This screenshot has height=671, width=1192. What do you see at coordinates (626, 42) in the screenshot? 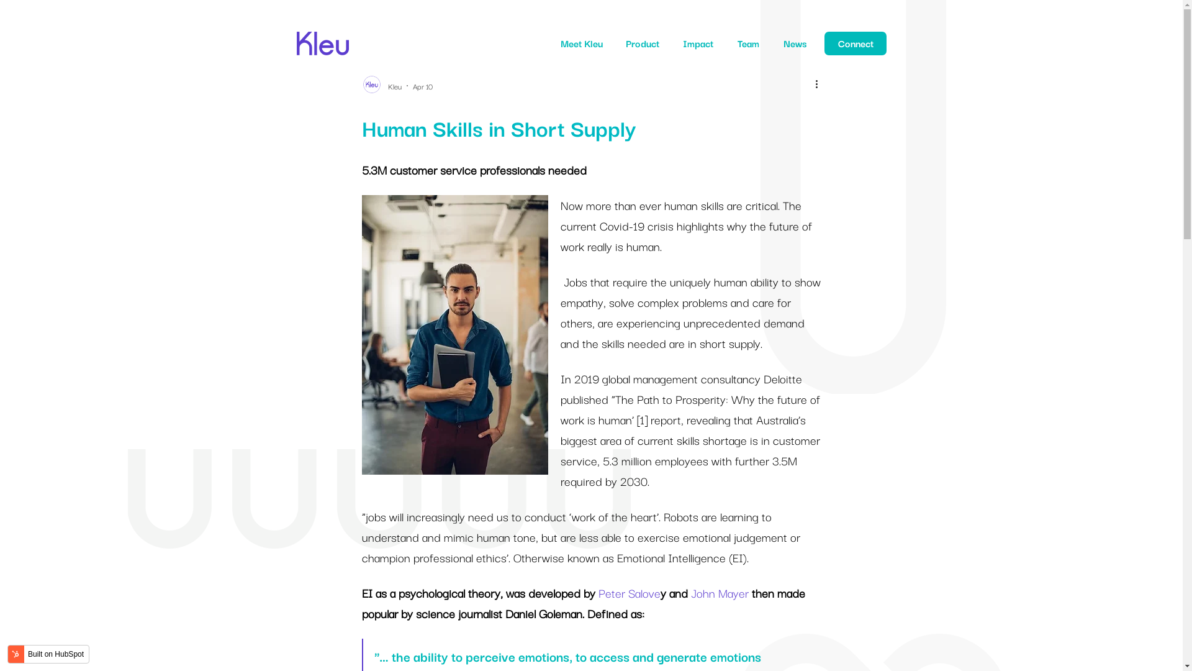
I see `'Product'` at bounding box center [626, 42].